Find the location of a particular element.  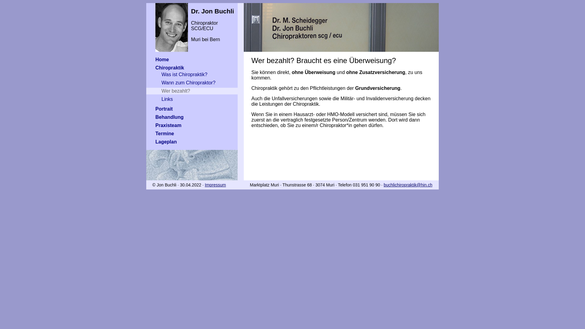

'Wann zum Chiropraktor?' is located at coordinates (191, 83).